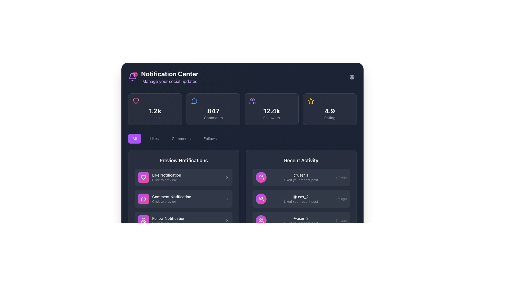 The width and height of the screenshot is (519, 292). What do you see at coordinates (154, 138) in the screenshot?
I see `the 'Likes' button in the navigation bar` at bounding box center [154, 138].